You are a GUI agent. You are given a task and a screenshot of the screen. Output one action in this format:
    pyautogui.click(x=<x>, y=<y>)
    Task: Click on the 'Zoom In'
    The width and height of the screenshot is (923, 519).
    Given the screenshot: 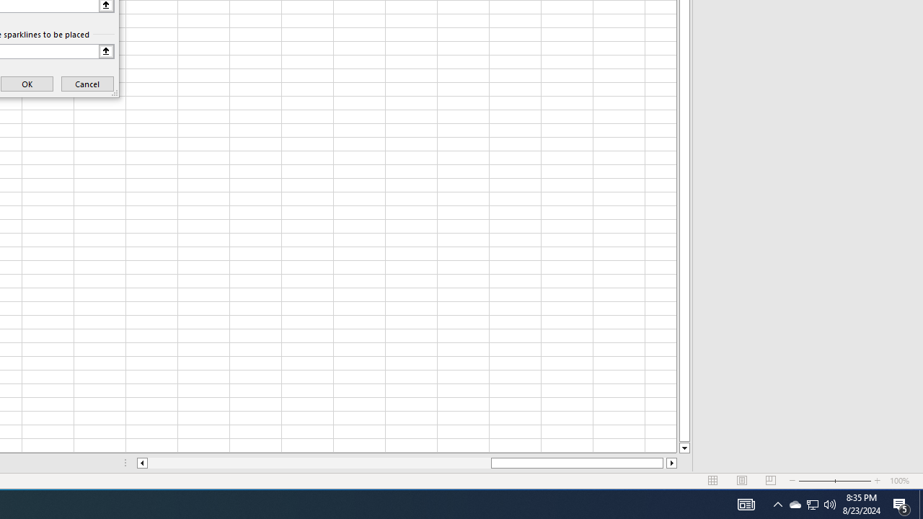 What is the action you would take?
    pyautogui.click(x=877, y=481)
    